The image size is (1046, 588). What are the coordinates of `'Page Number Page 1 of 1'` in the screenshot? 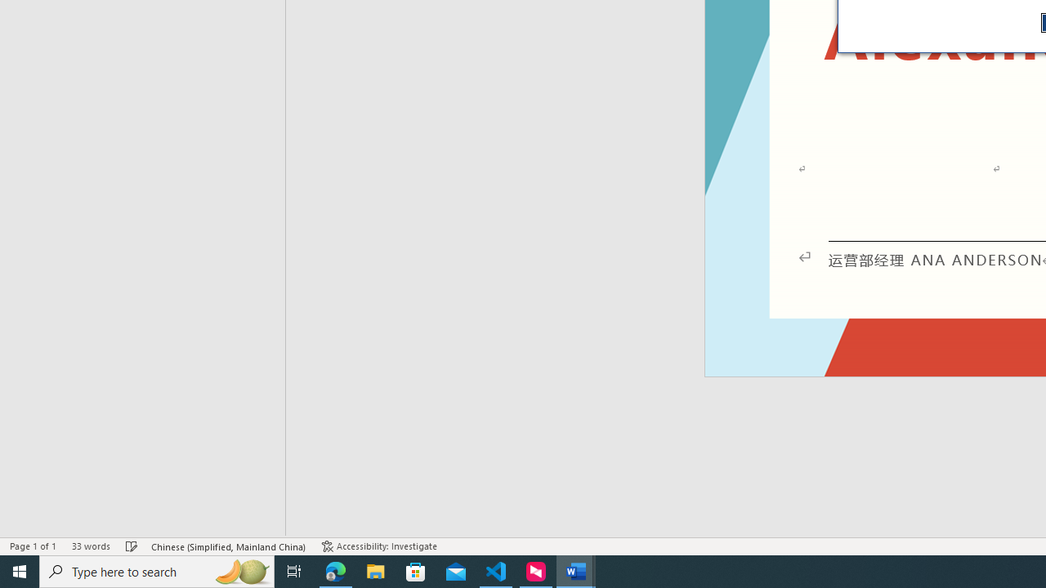 It's located at (33, 546).